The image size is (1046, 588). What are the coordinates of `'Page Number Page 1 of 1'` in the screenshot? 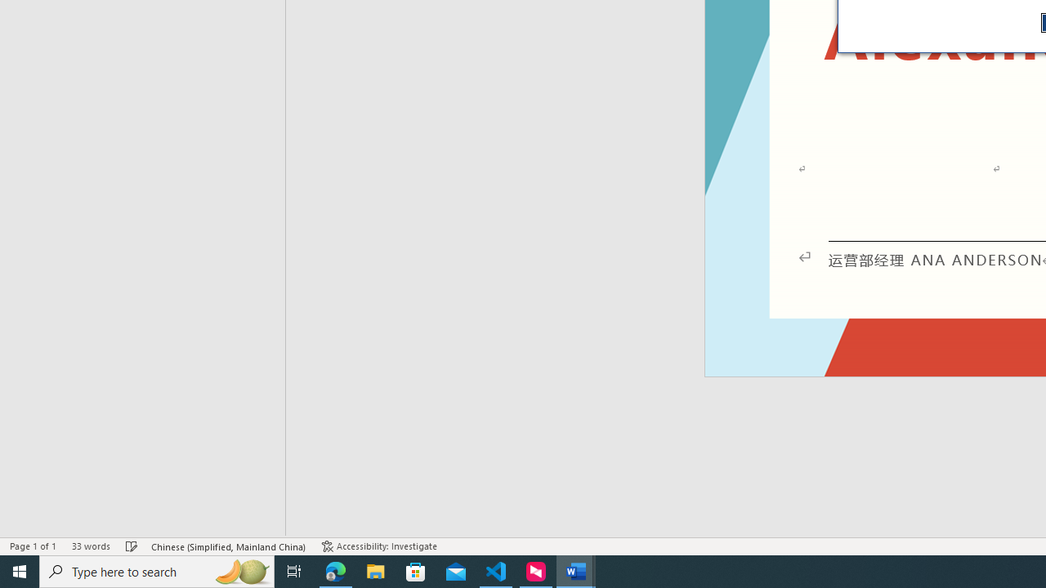 It's located at (33, 546).